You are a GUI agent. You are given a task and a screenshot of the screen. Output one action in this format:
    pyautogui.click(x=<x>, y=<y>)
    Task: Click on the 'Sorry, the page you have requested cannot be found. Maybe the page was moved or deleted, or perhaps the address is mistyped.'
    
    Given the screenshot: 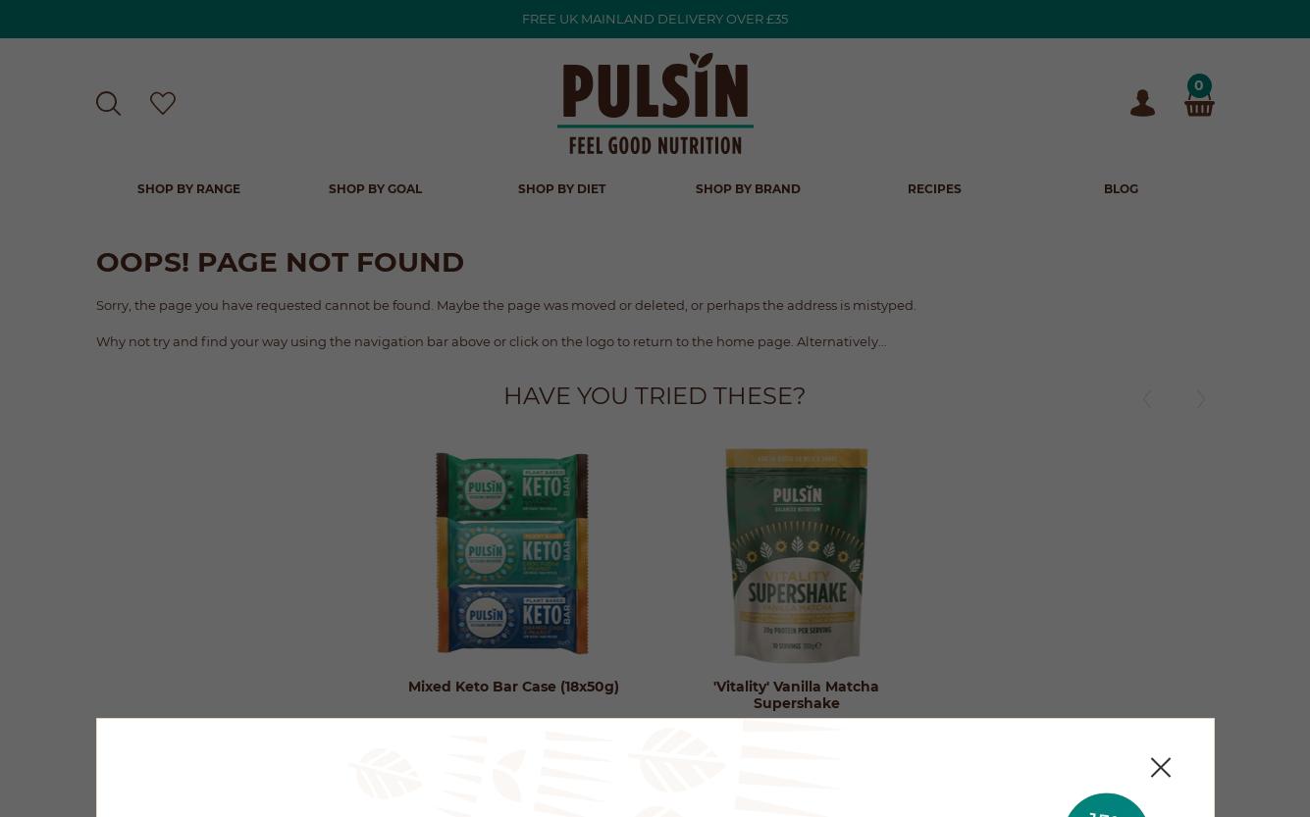 What is the action you would take?
    pyautogui.click(x=505, y=302)
    